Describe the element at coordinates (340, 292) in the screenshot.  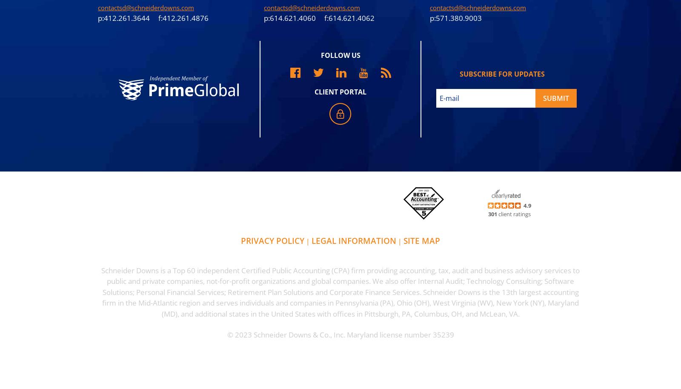
I see `'Schneider Downs is a Top 60 independent Certified Public Accounting (CPA) firm providing accounting, tax, audit and business advisory services to public and private companies, not-for-profit organizations and global companies. We also offer Internal Audit; Technology Consulting; Software Solutions; Personal Financial Services; Retirement Plan Solutions and Corporate Finance Services. Schneider Downs is the 13th largest accounting firm in the Mid-Atlantic region and serves individuals and companies in Pennsylvania (PA), Ohio (OH), West Virginia (WV), New York (NY), Maryland (MD), and additional states in the United States with offices in Pittsburgh, PA, Columbus, OH, and McLean, VA.'` at that location.